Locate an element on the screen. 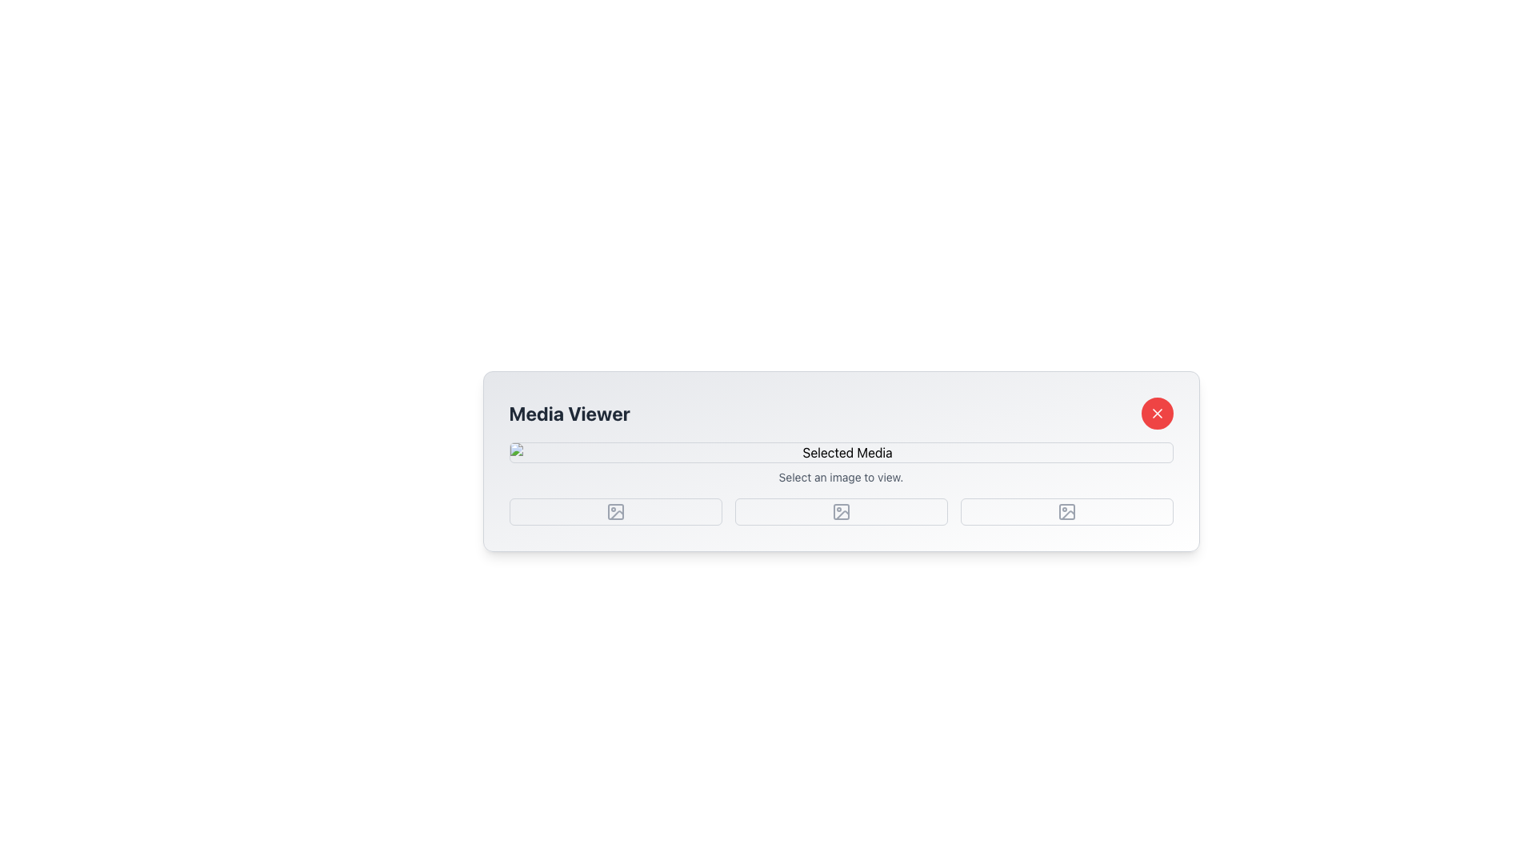 Image resolution: width=1536 pixels, height=864 pixels. the rectangular button with rounded corners and a missing image icon located in the bottom left section of the interface is located at coordinates (614, 512).